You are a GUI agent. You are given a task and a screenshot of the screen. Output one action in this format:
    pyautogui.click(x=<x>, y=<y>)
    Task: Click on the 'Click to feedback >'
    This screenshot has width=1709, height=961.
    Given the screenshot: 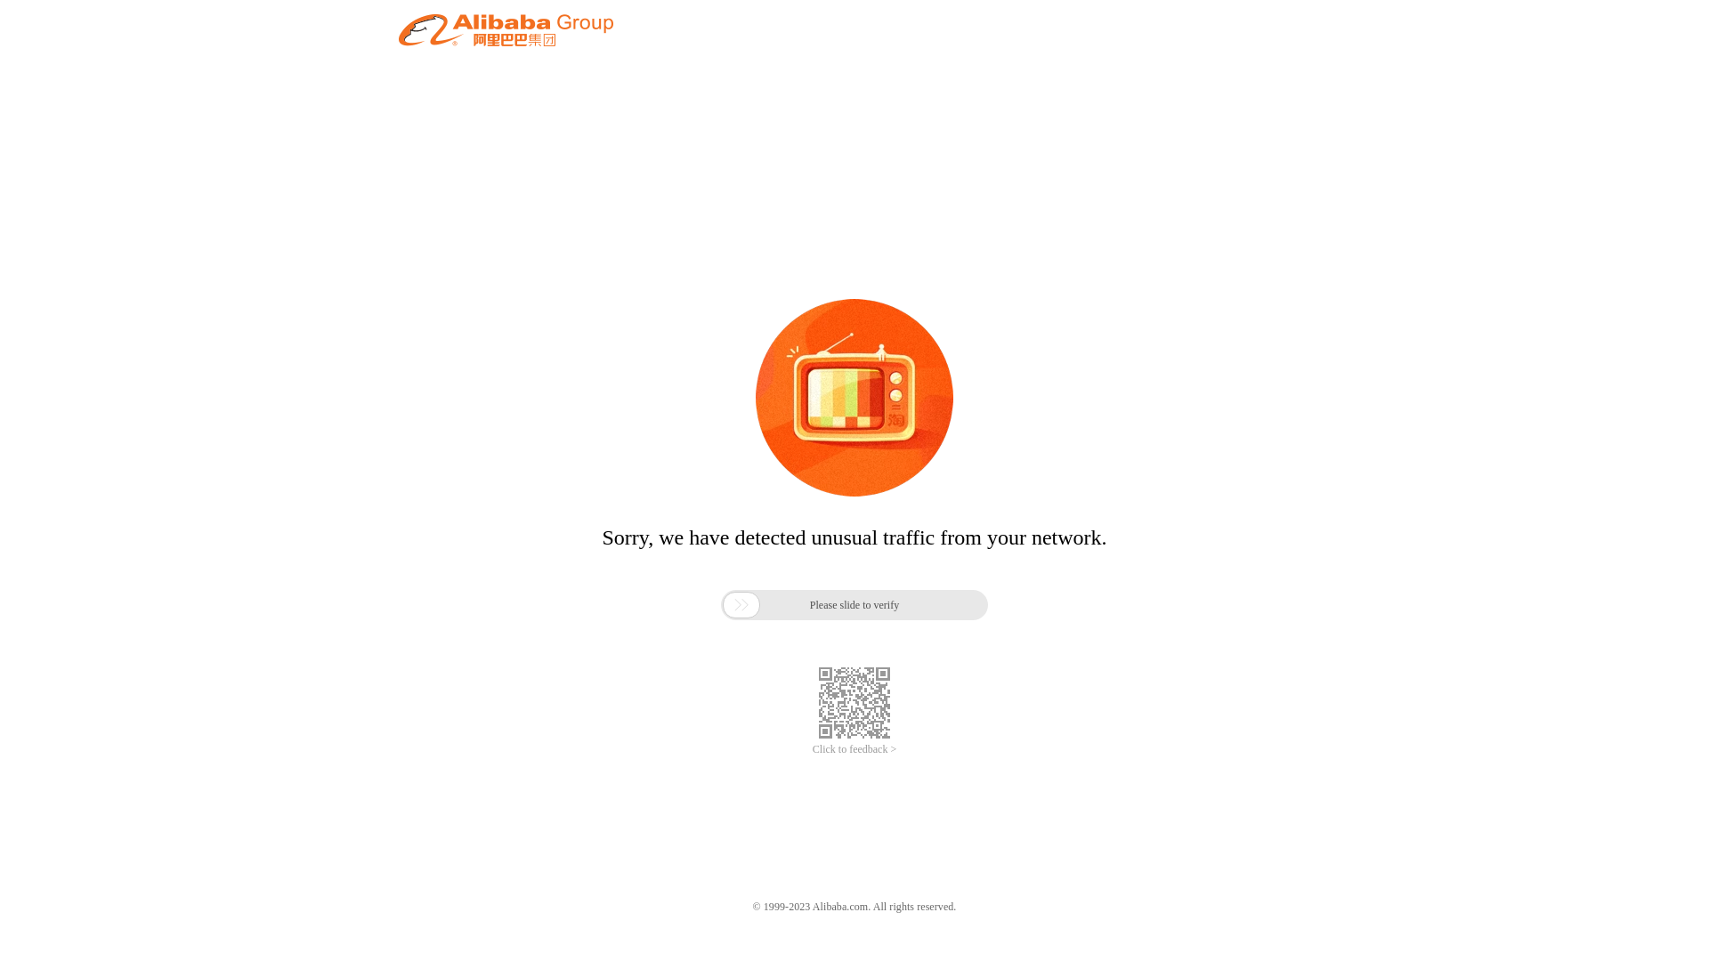 What is the action you would take?
    pyautogui.click(x=854, y=749)
    